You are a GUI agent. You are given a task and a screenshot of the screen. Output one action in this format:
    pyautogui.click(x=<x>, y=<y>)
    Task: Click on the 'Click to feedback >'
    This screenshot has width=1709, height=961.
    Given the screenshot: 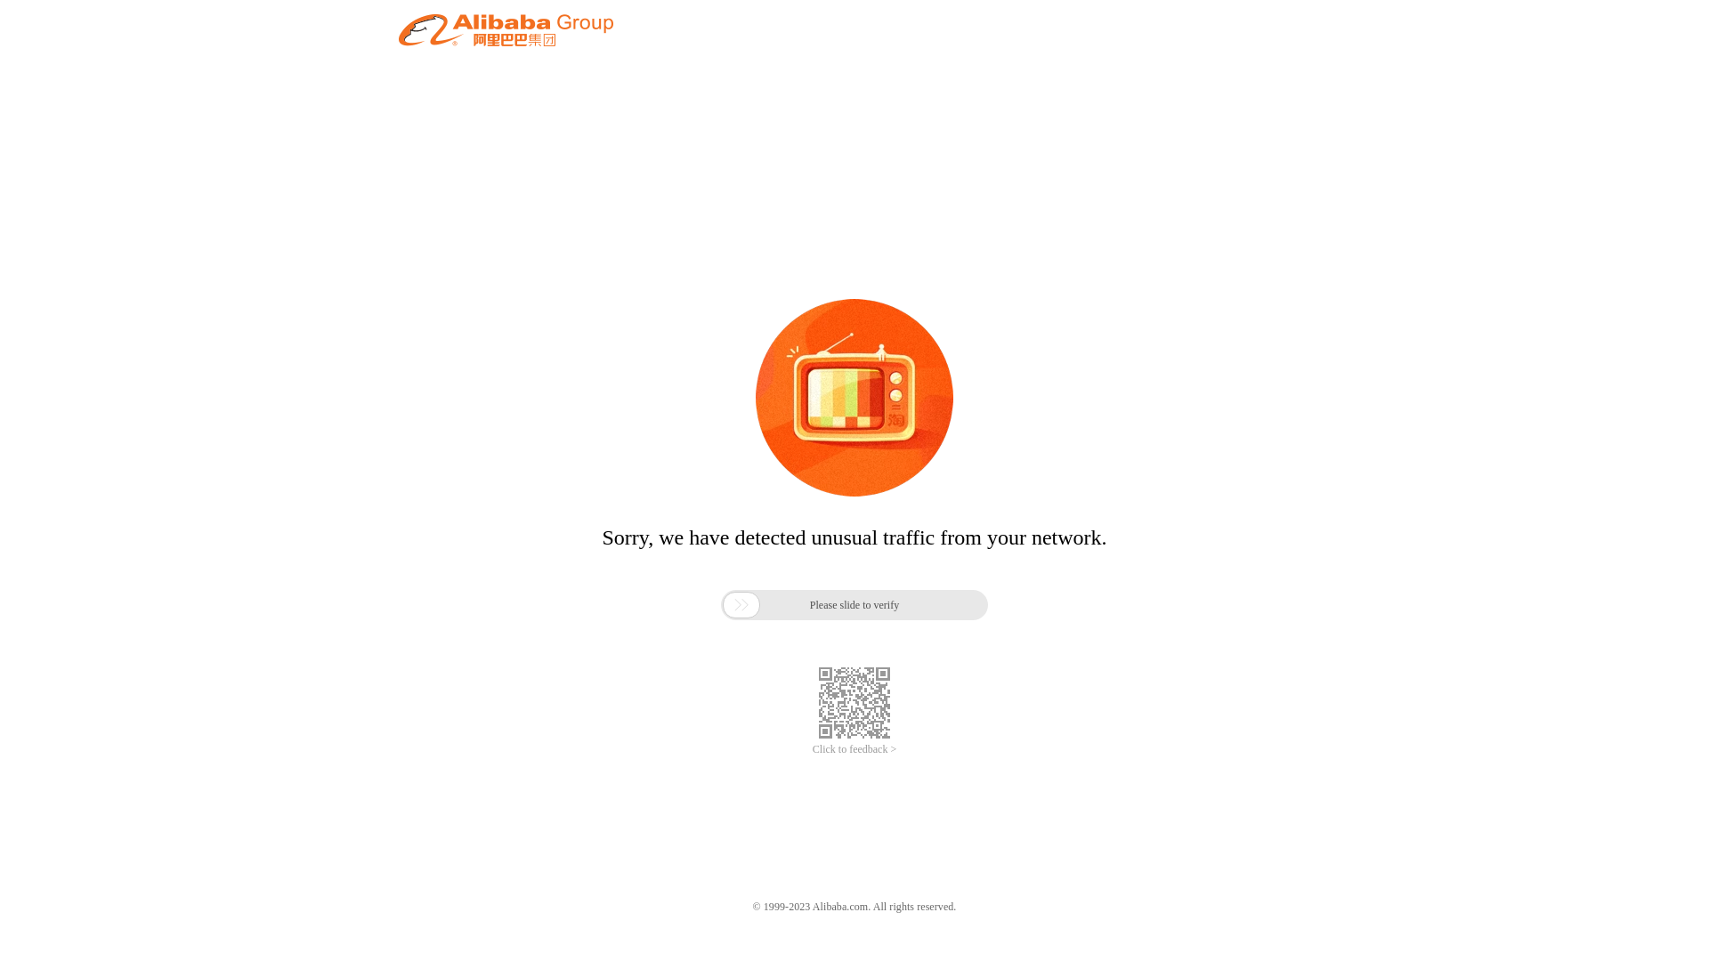 What is the action you would take?
    pyautogui.click(x=854, y=749)
    